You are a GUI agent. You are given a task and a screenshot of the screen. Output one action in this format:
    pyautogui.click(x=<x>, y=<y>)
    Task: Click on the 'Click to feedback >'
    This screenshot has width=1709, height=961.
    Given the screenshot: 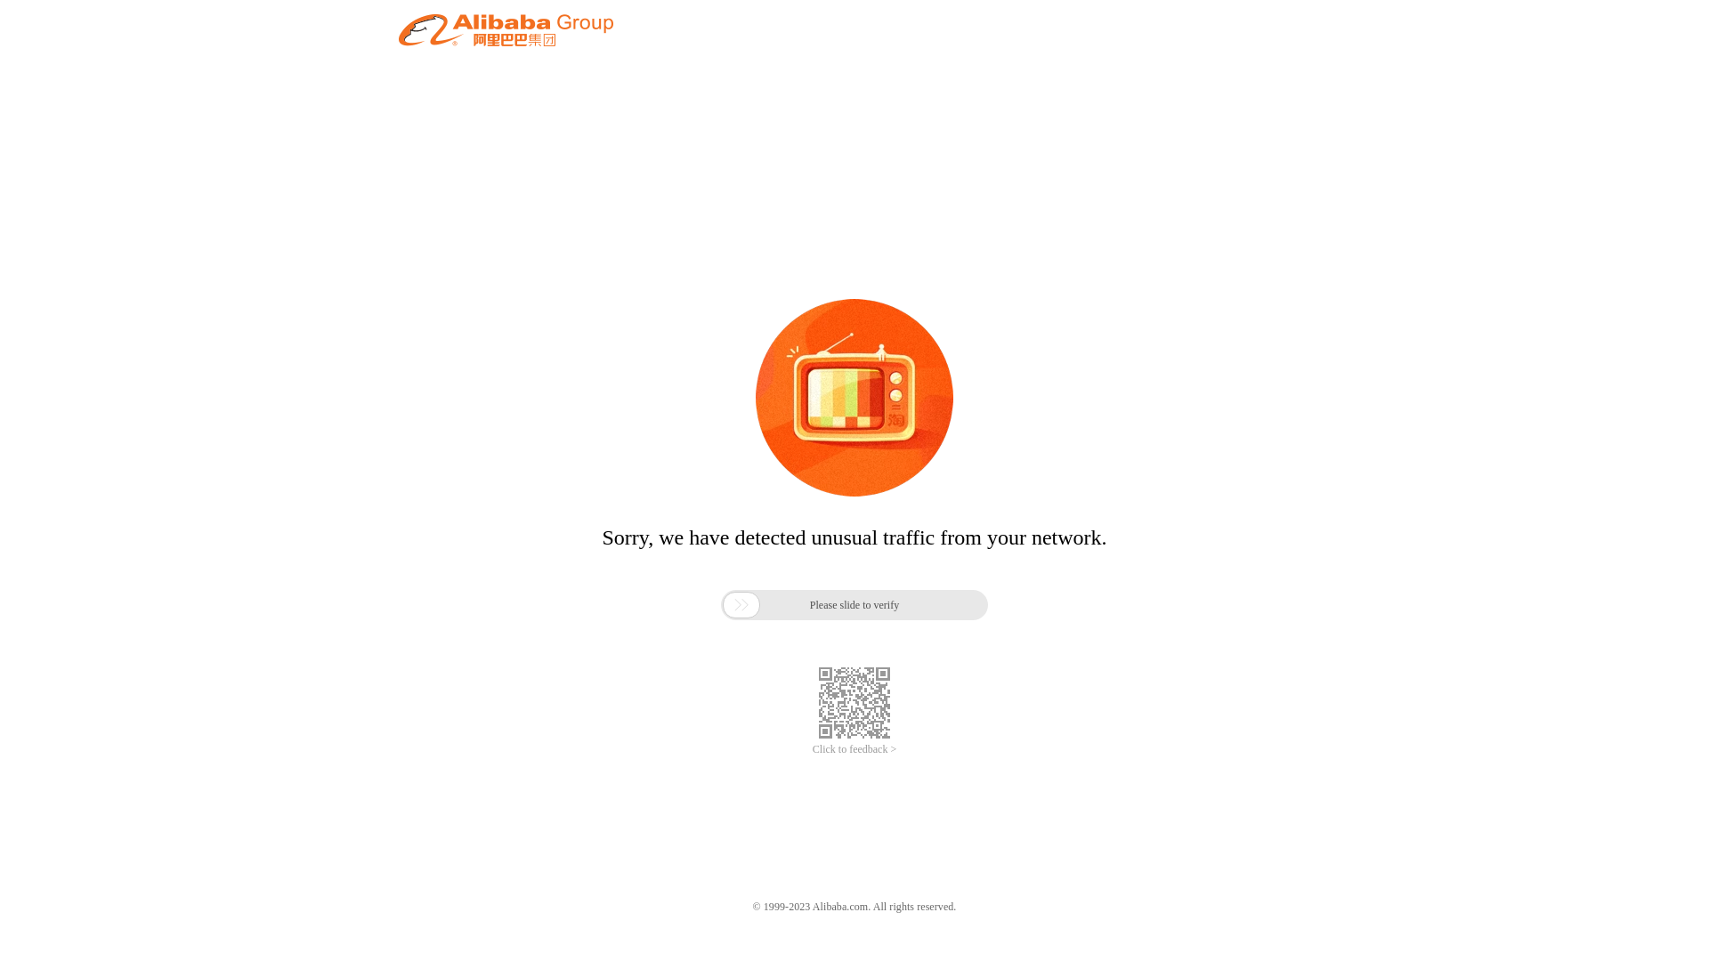 What is the action you would take?
    pyautogui.click(x=854, y=749)
    